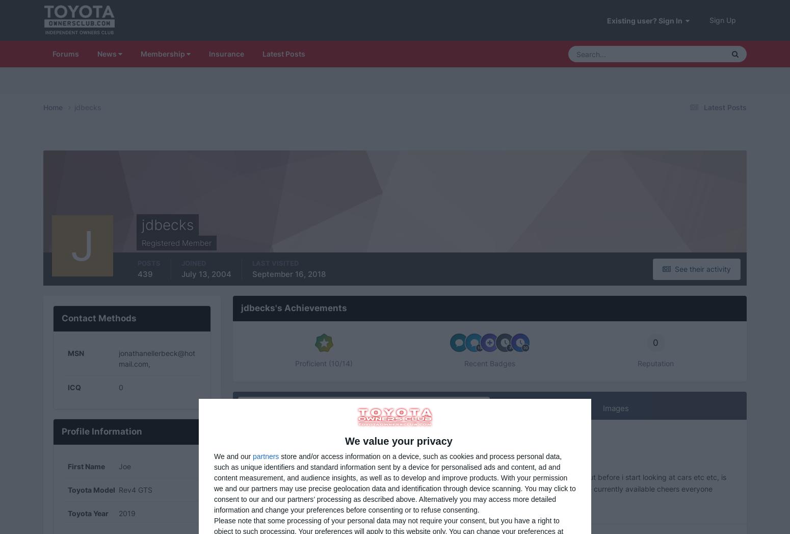 The width and height of the screenshot is (790, 534). I want to click on 'Topics', so click(656, 108).